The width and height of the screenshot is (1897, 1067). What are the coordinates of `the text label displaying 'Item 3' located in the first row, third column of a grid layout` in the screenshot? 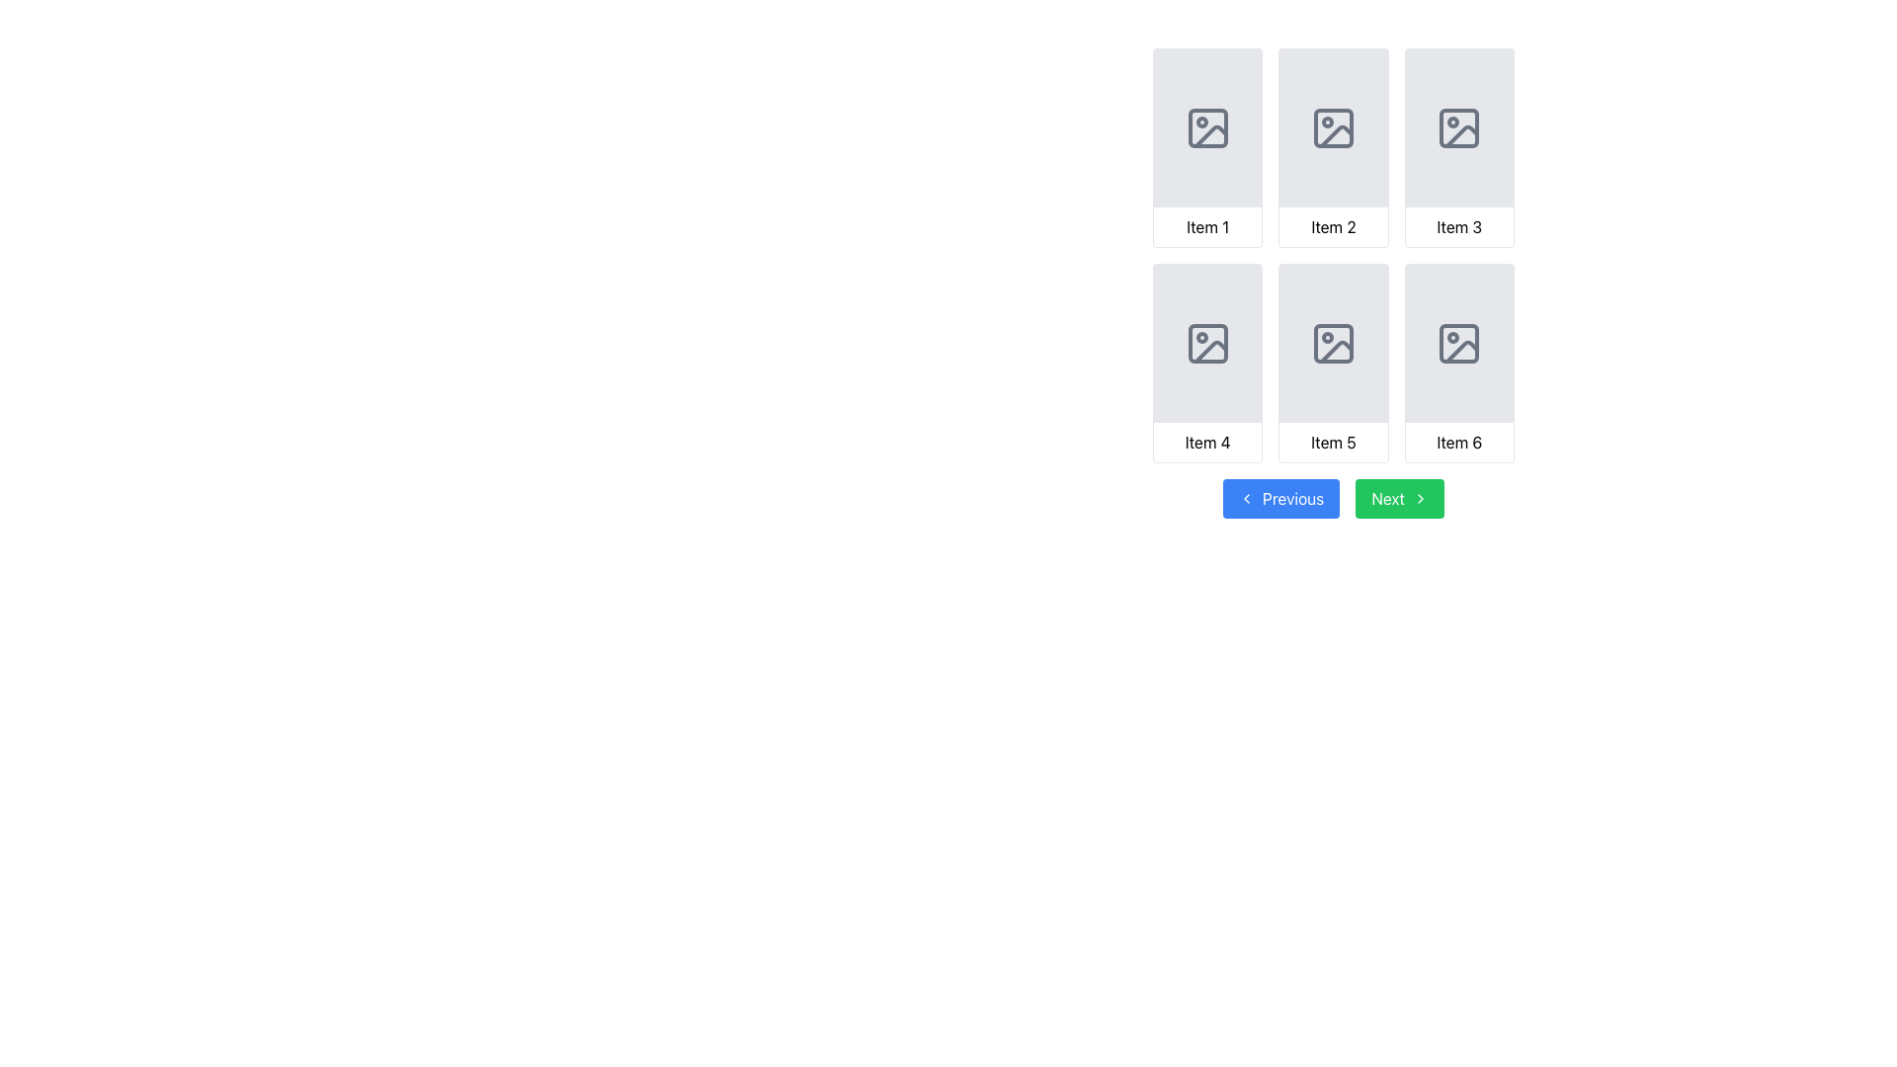 It's located at (1459, 226).